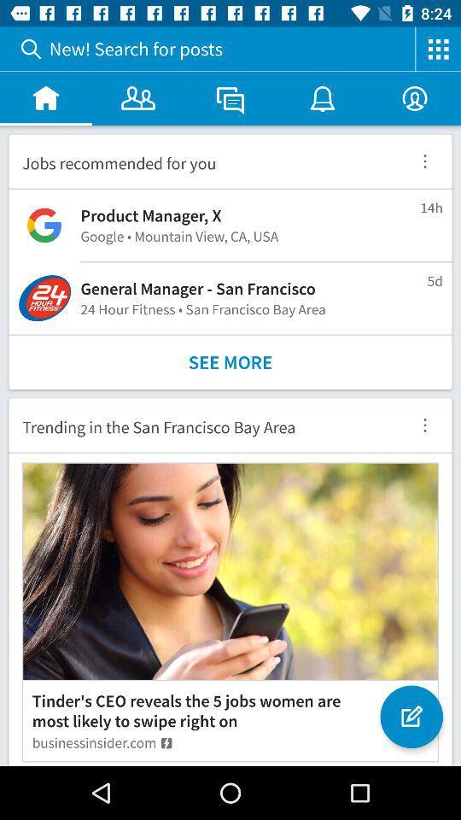 The height and width of the screenshot is (820, 461). Describe the element at coordinates (203, 161) in the screenshot. I see `the jobs recommended for` at that location.